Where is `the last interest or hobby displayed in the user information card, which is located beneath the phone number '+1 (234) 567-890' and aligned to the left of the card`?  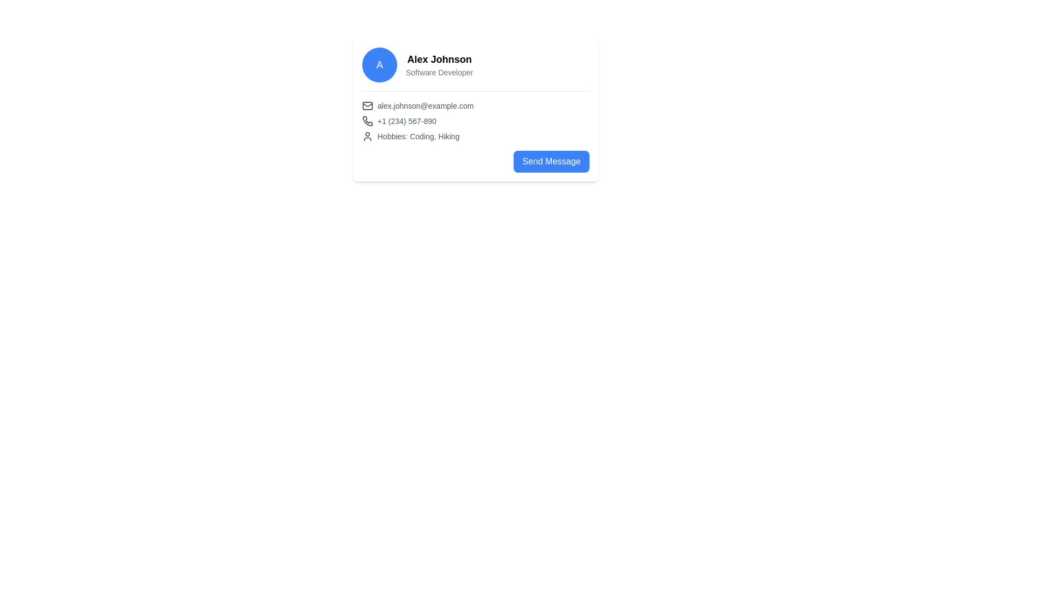 the last interest or hobby displayed in the user information card, which is located beneath the phone number '+1 (234) 567-890' and aligned to the left of the card is located at coordinates (475, 136).